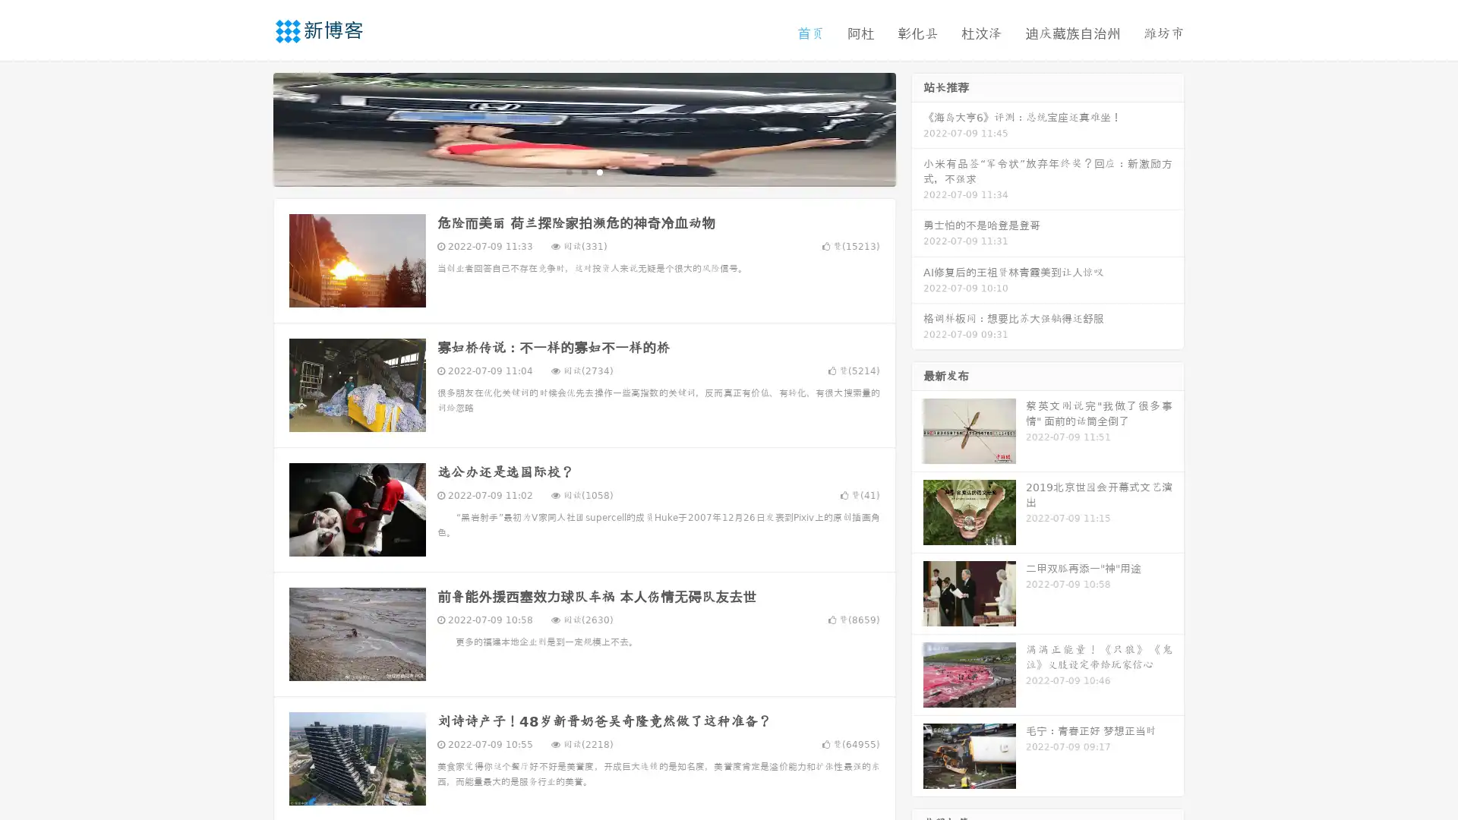  What do you see at coordinates (568, 171) in the screenshot?
I see `Go to slide 1` at bounding box center [568, 171].